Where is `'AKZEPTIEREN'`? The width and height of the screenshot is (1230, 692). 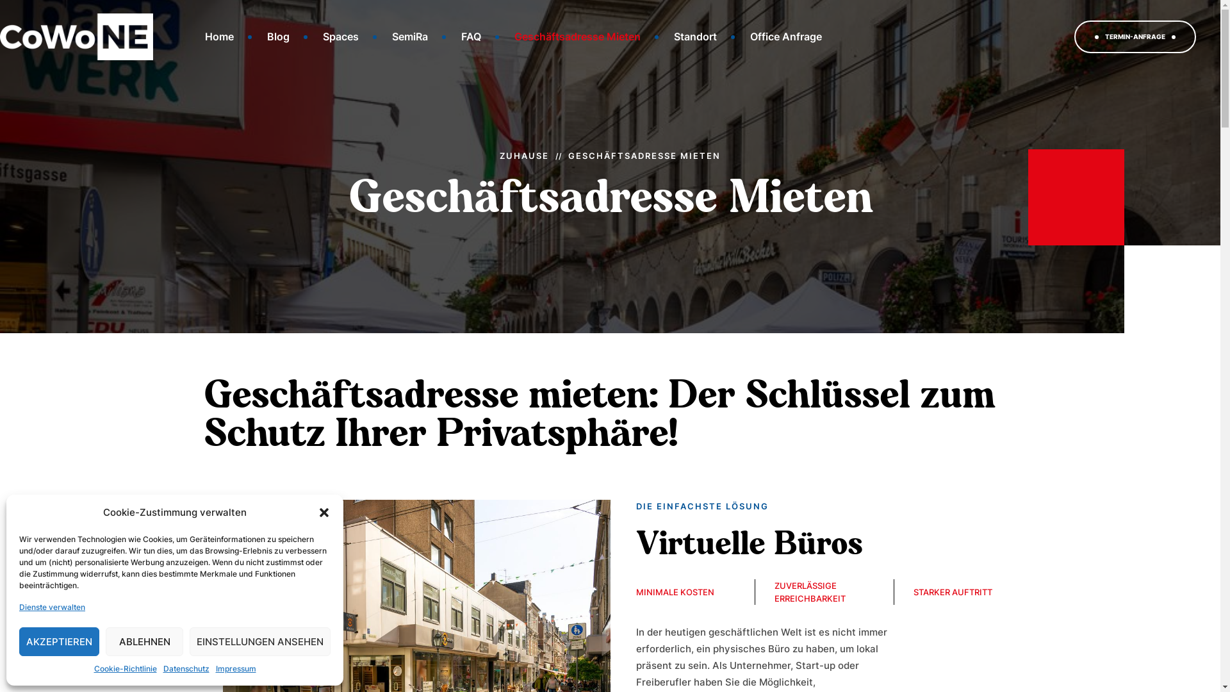
'AKZEPTIEREN' is located at coordinates (19, 641).